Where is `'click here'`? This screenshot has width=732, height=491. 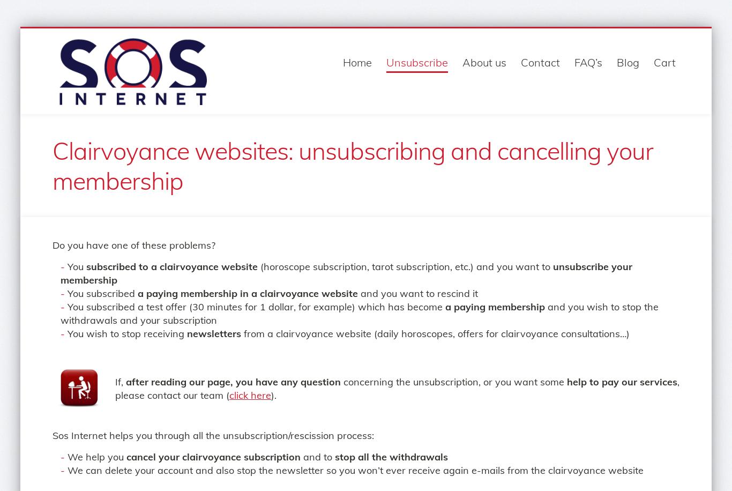 'click here' is located at coordinates (228, 395).